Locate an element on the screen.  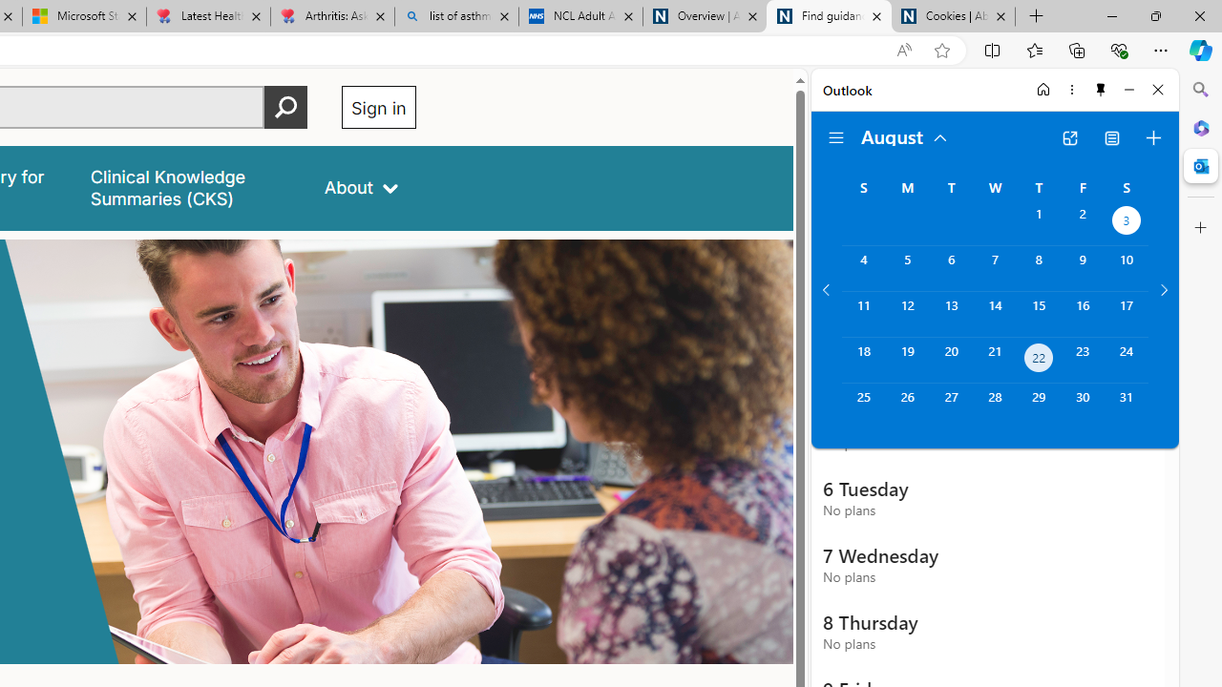
'Read aloud this page (Ctrl+Shift+U)' is located at coordinates (902, 50).